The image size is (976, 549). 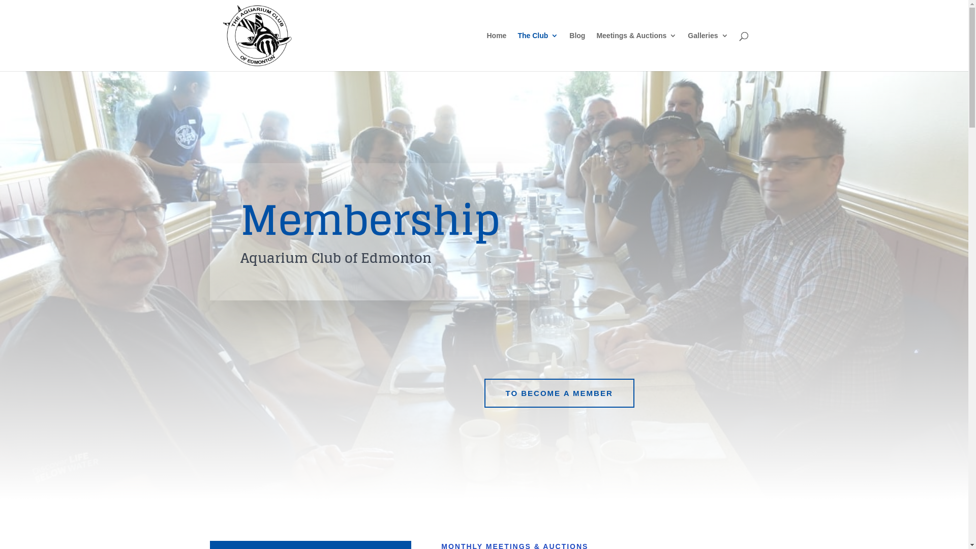 I want to click on 'TO BECOME A MEMBER', so click(x=558, y=393).